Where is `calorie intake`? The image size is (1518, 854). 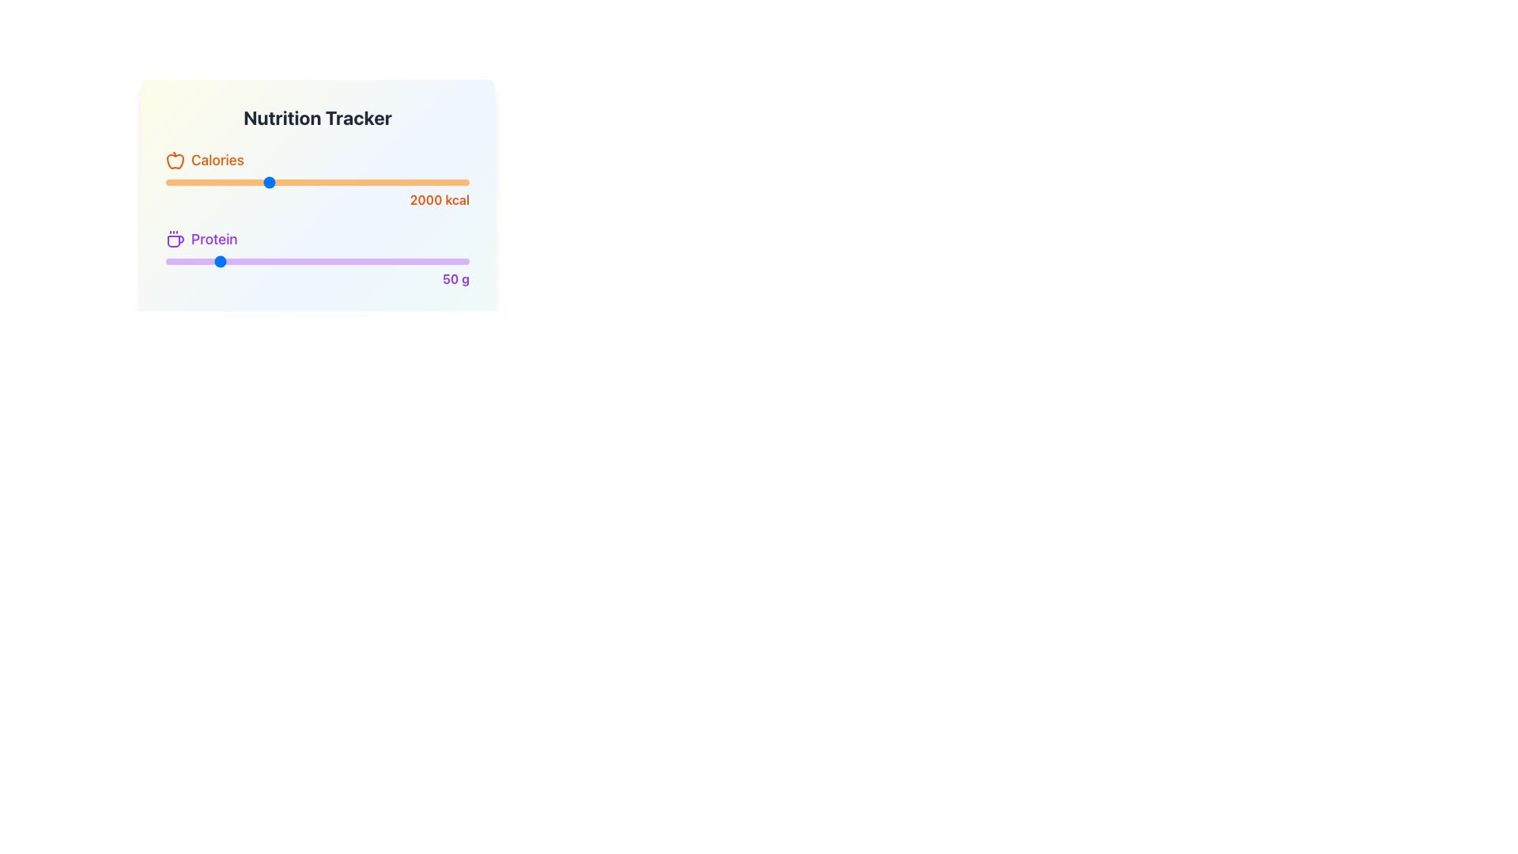 calorie intake is located at coordinates (247, 179).